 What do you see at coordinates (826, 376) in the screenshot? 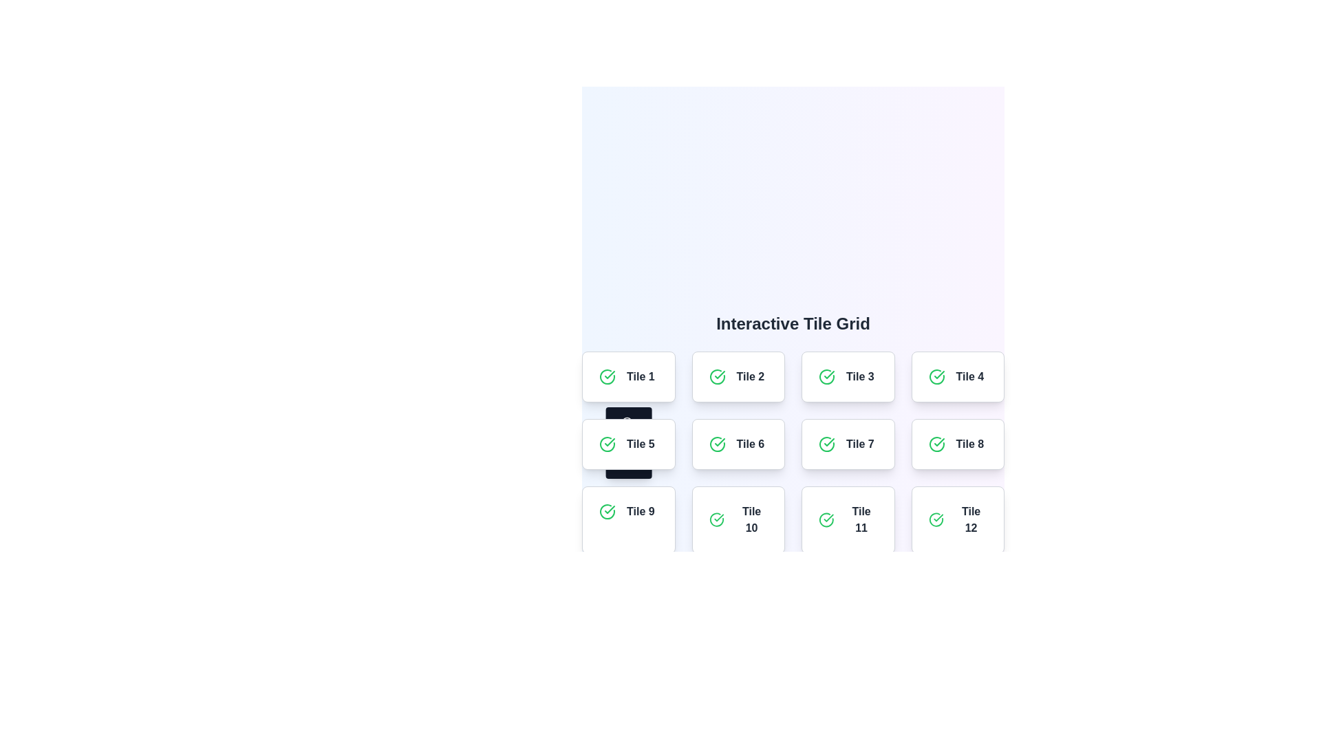
I see `the checkmark icon inside a circle, which indicates the successful completion or selection of the 'Tile 3' action, located to the left of the 'Tile 3' button` at bounding box center [826, 376].